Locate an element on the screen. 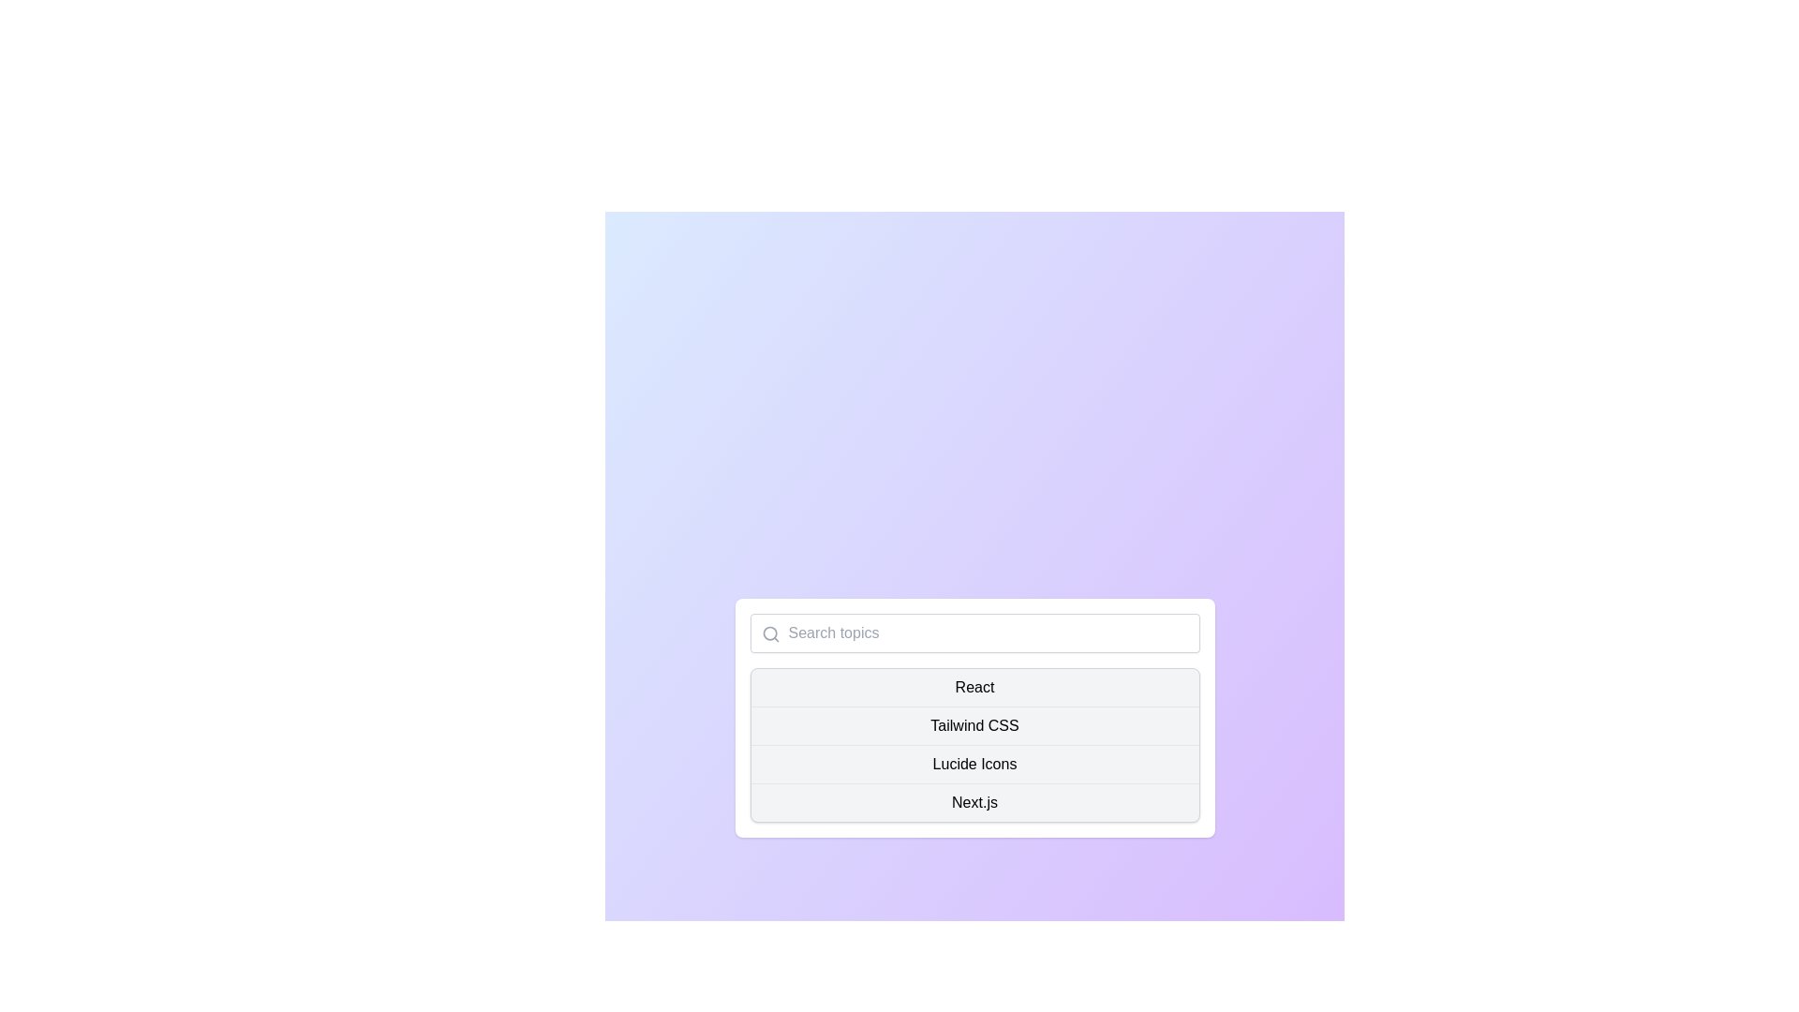  the first item in the dropdown list labeled 'React', which is styled with a modern sans-serif font and has a light gray background indicating interactivity is located at coordinates (974, 687).